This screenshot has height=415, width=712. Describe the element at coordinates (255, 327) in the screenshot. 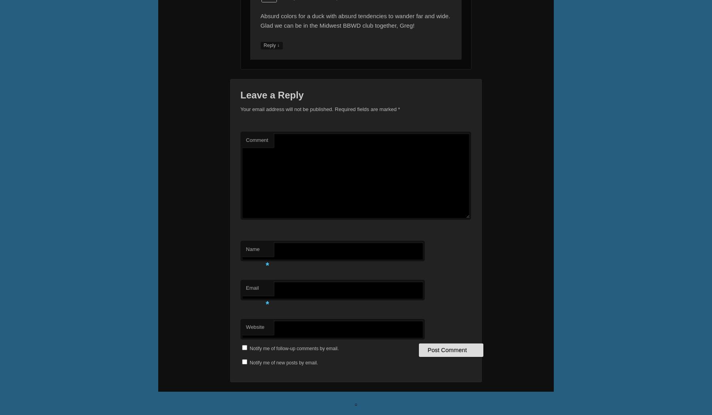

I see `'Website'` at that location.